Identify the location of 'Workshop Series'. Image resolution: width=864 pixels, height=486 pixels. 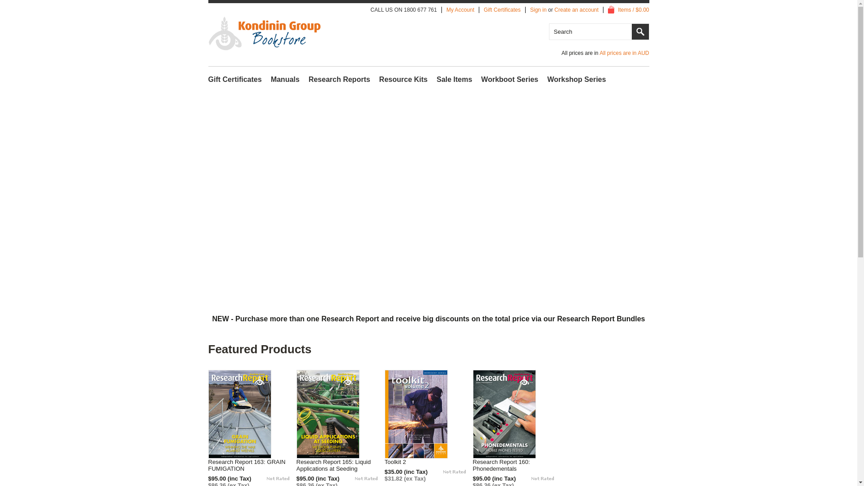
(576, 79).